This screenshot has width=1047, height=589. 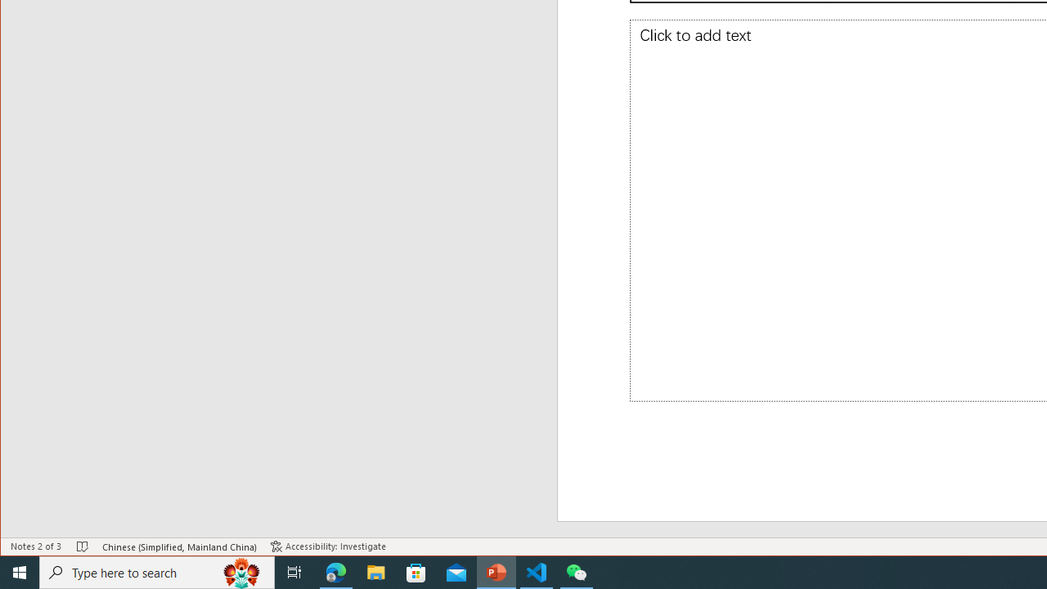 What do you see at coordinates (577, 571) in the screenshot?
I see `'WeChat - 1 running window'` at bounding box center [577, 571].